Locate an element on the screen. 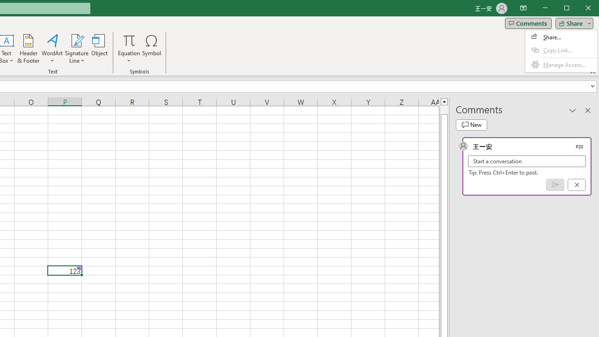 The height and width of the screenshot is (337, 599). 'Post comment (Ctrl + Enter)' is located at coordinates (555, 185).